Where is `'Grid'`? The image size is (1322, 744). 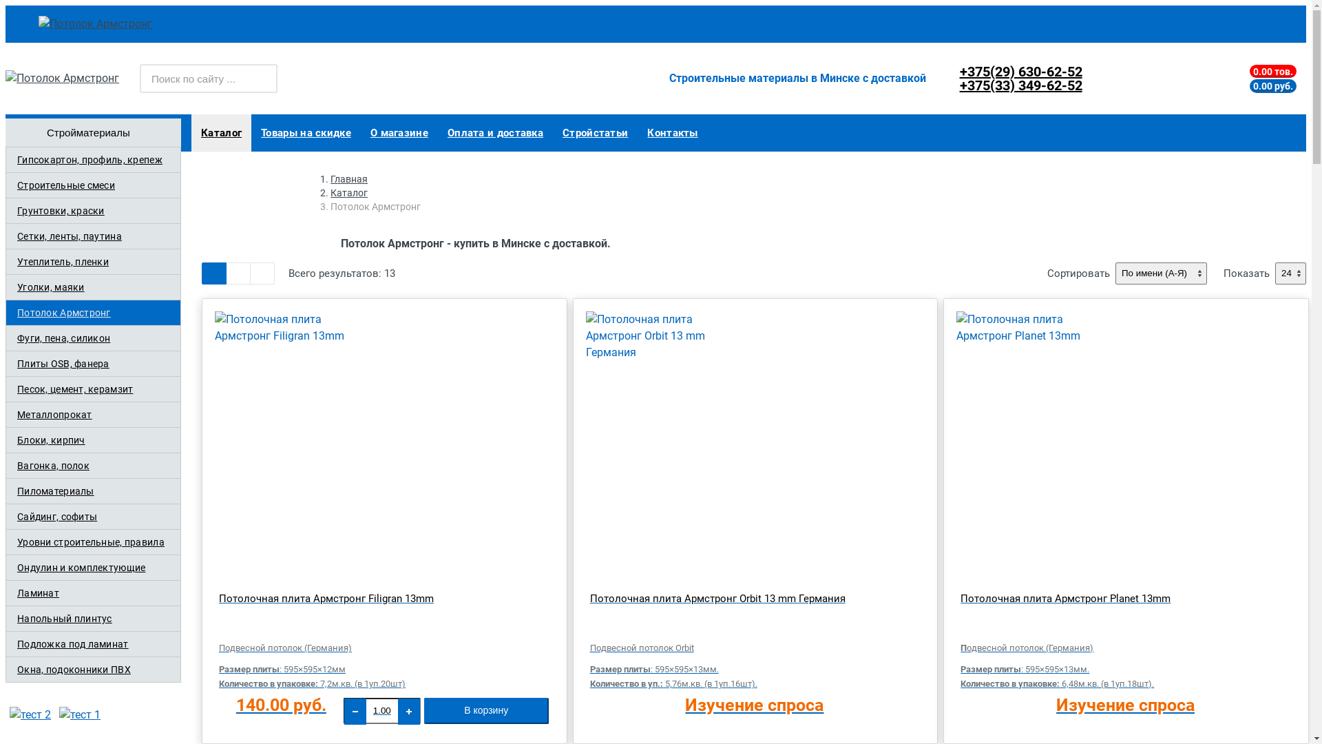 'Grid' is located at coordinates (213, 273).